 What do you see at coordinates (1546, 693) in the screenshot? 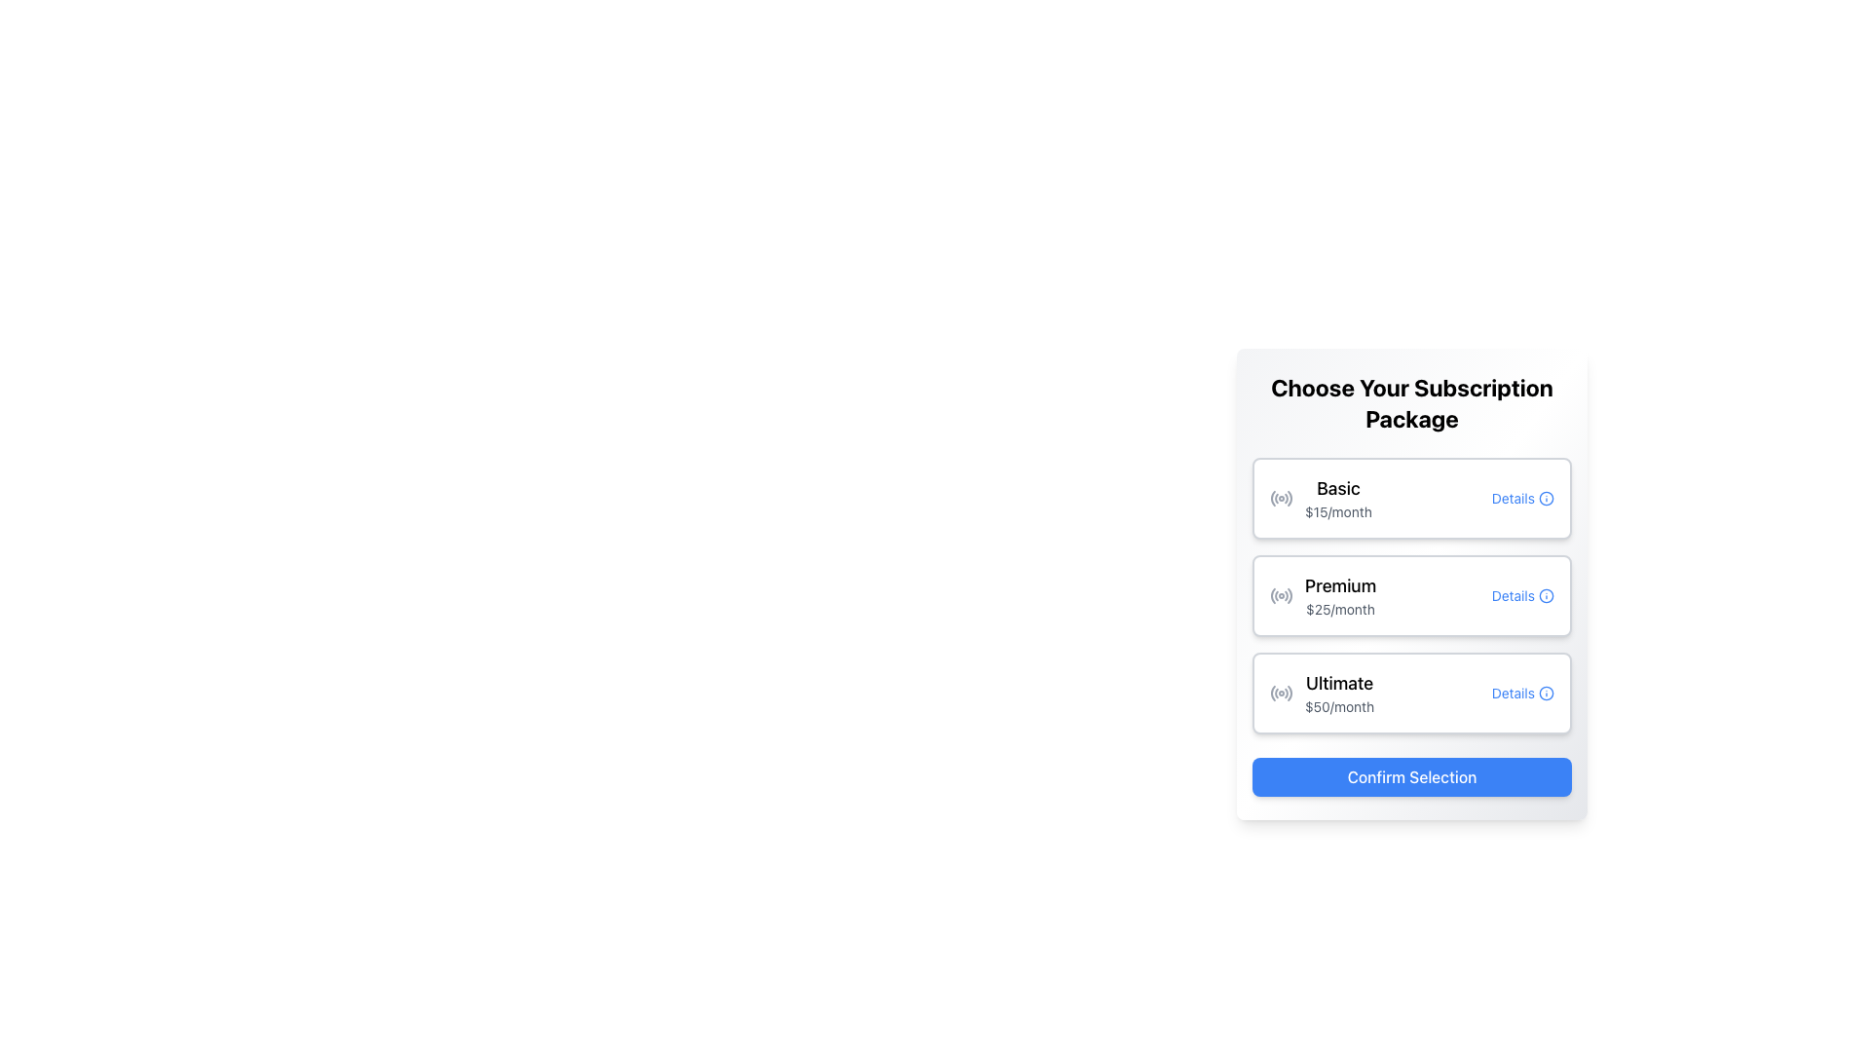
I see `the outer circular ring of the 'Details' icon, which is right-aligned to the 'Ultimate' subscription option` at bounding box center [1546, 693].